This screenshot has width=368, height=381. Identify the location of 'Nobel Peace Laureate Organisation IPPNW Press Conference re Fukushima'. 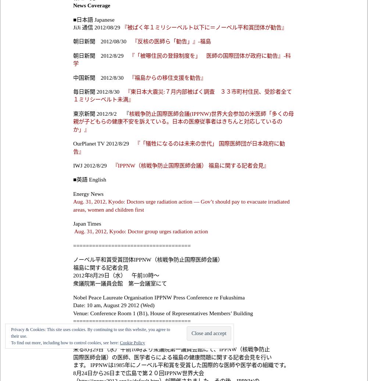
(159, 297).